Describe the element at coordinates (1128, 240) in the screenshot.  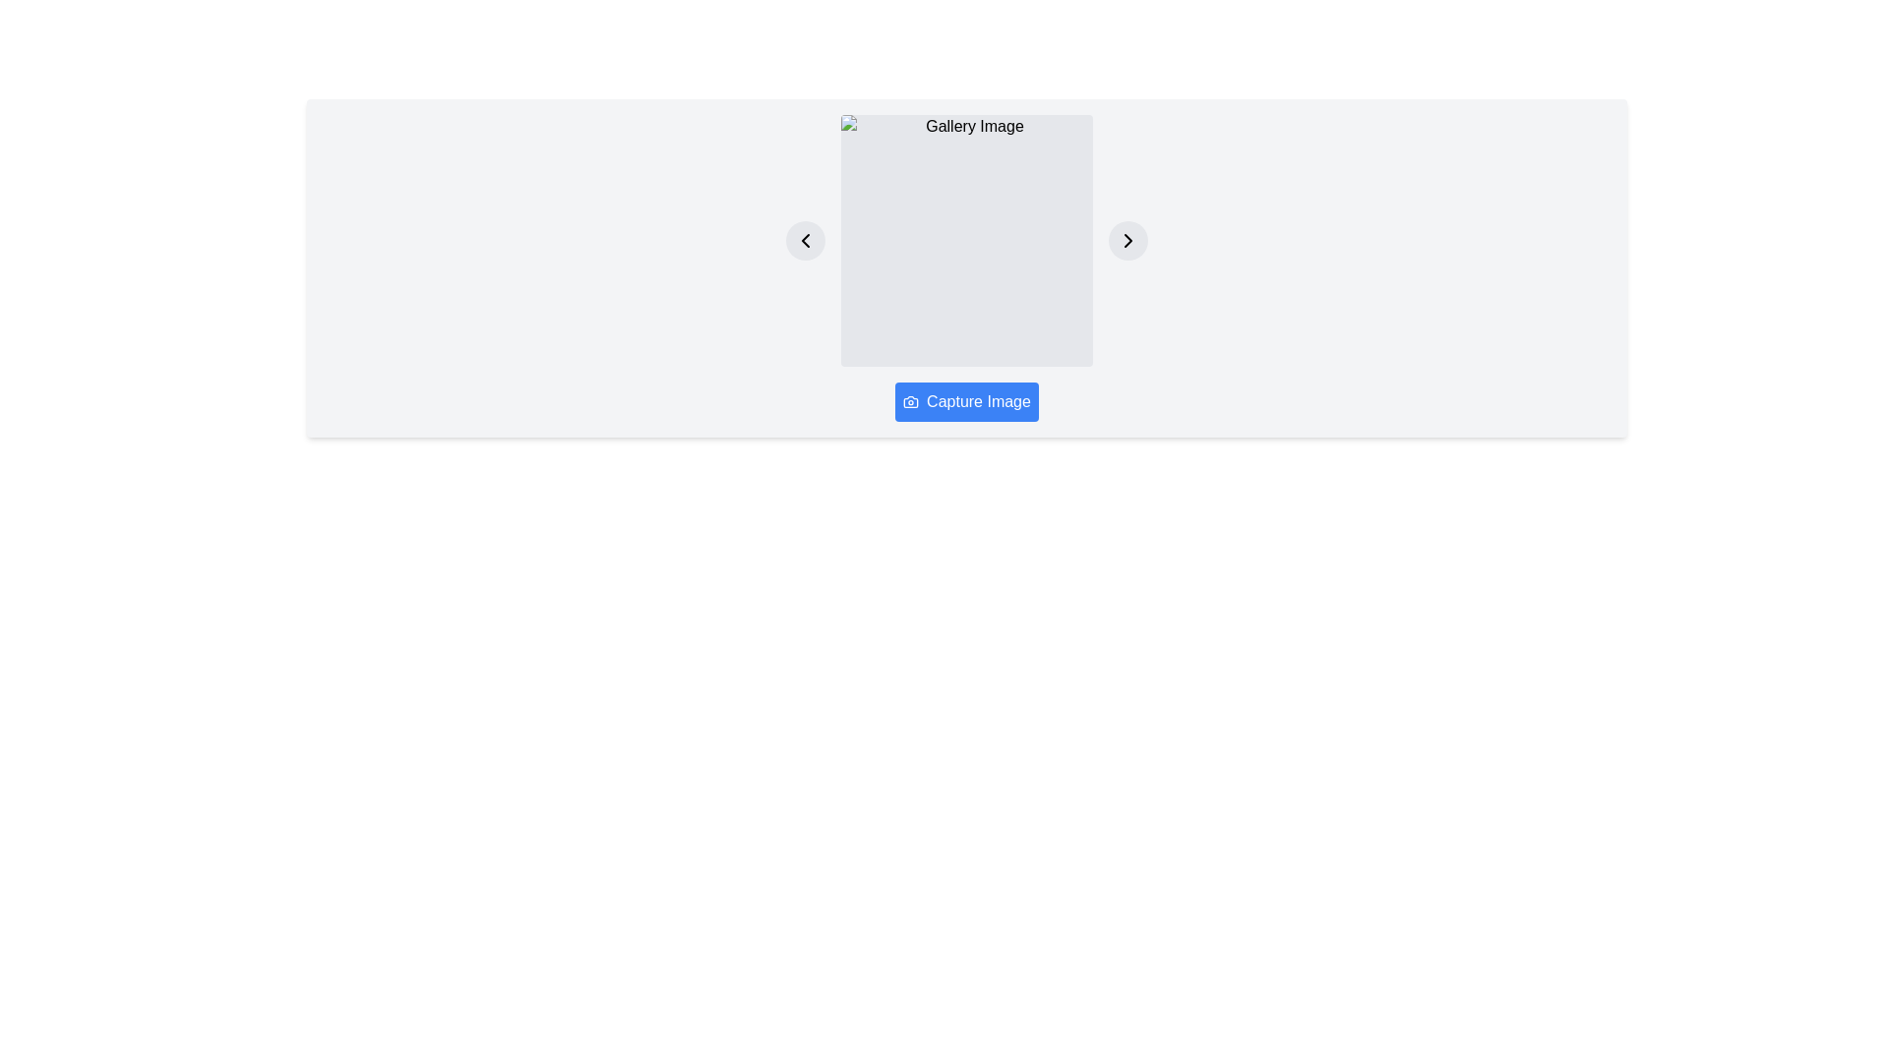
I see `the small right-pointing chevron arrow icon button, which is styled with thin black lines and embedded in a light gray circular area` at that location.